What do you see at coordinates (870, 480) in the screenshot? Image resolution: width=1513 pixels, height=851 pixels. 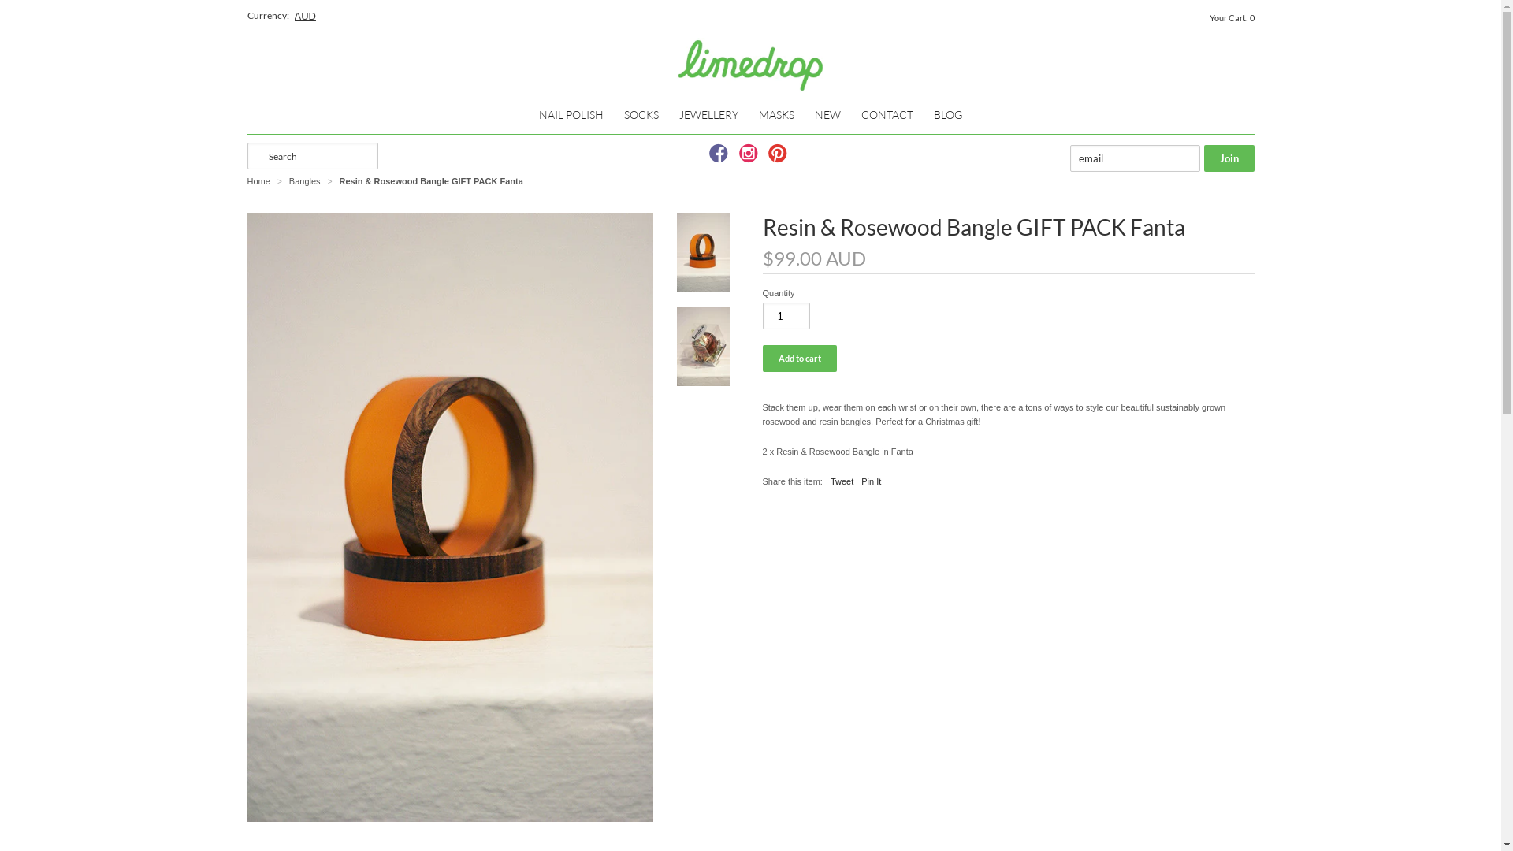 I see `'Pin It'` at bounding box center [870, 480].